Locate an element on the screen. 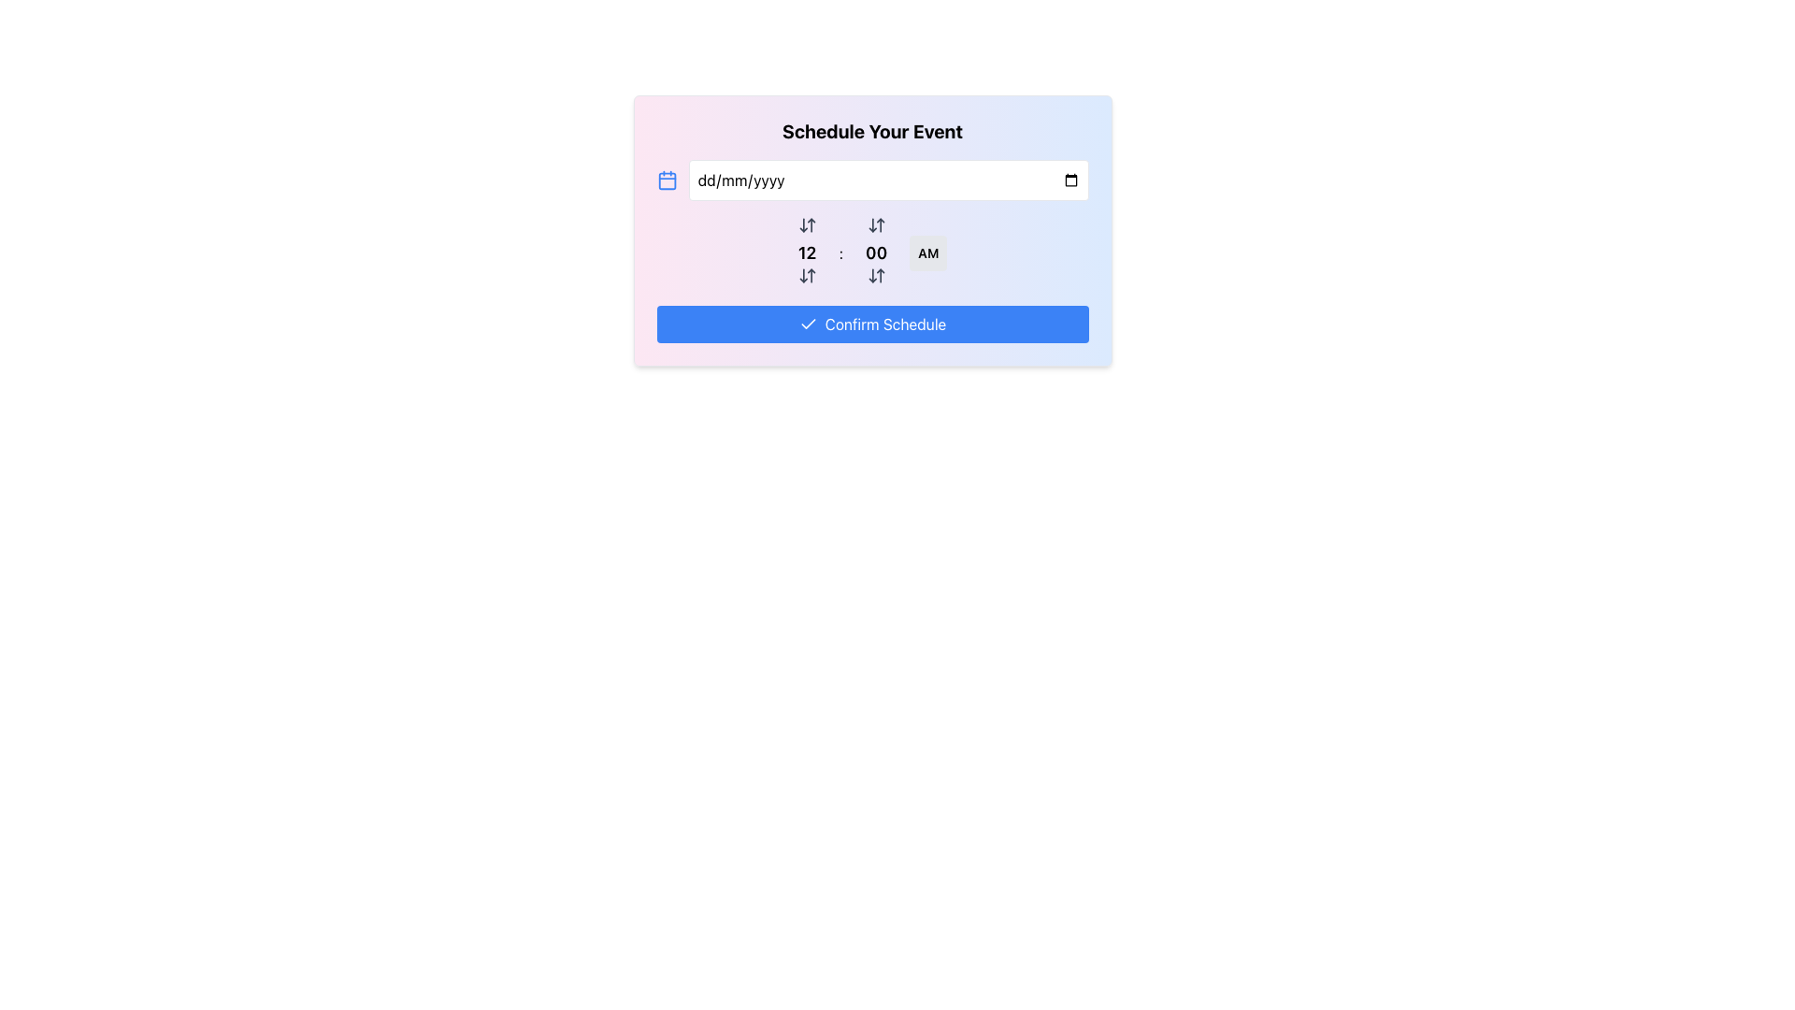 The height and width of the screenshot is (1010, 1795). the checkmark icon located inside the 'Confirm Schedule' button at the bottom of the 'Schedule Your Event' form overlay is located at coordinates (808, 323).